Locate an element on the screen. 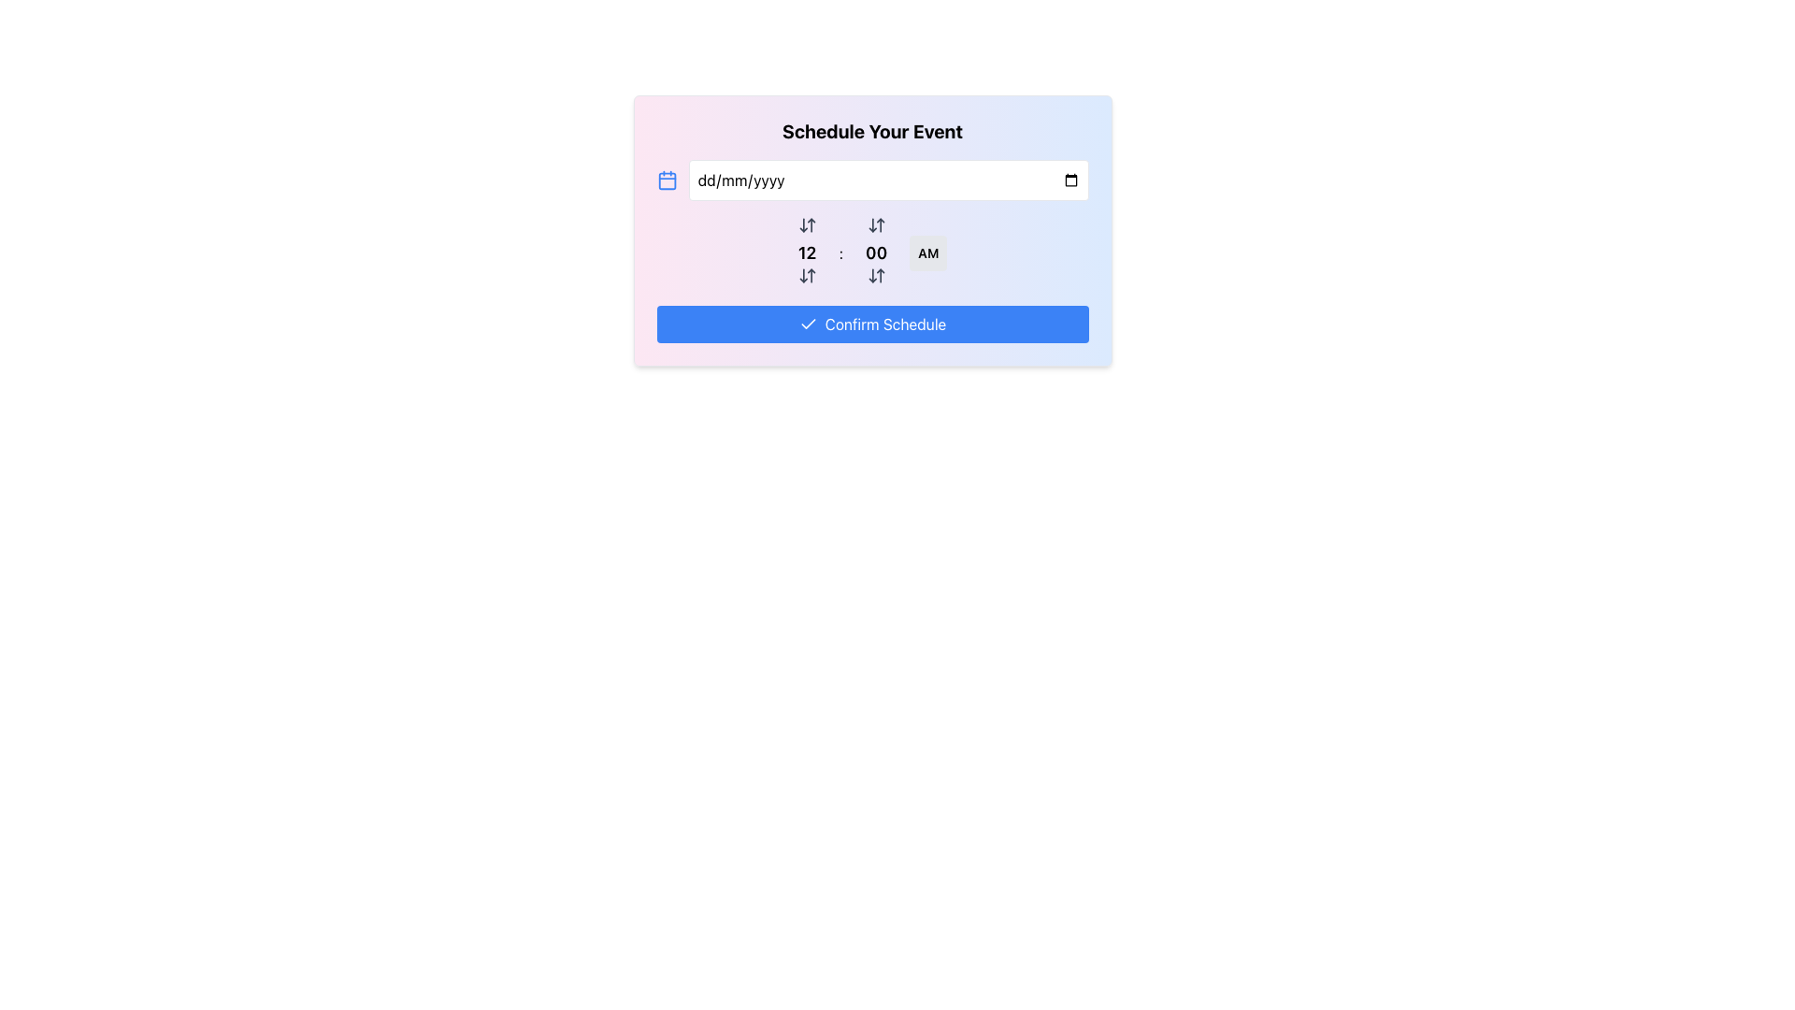 The height and width of the screenshot is (1010, 1795). the checkmark icon located inside the 'Confirm Schedule' button at the bottom of the 'Schedule Your Event' form overlay is located at coordinates (808, 323).